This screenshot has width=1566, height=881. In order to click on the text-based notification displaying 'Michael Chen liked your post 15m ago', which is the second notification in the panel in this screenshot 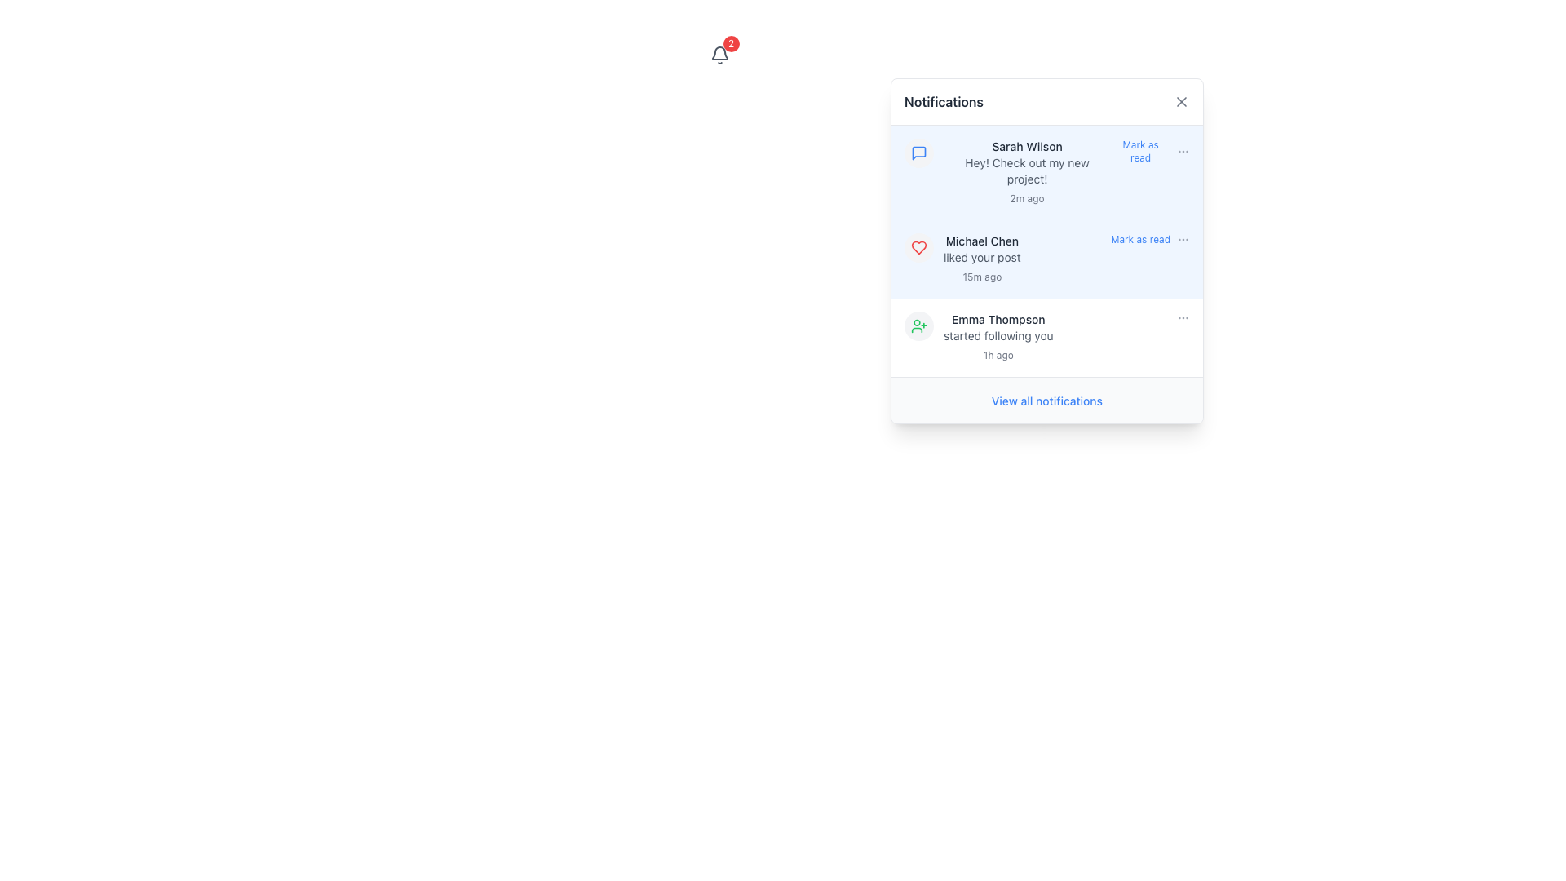, I will do `click(981, 258)`.